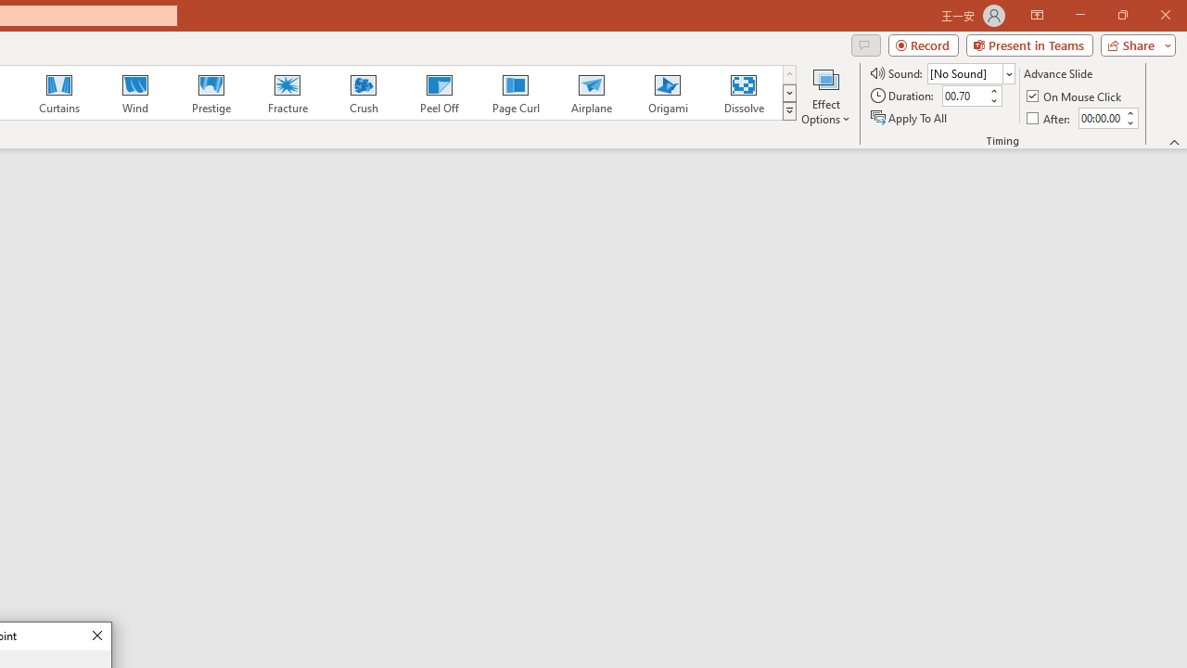 This screenshot has height=668, width=1187. Describe the element at coordinates (363, 93) in the screenshot. I see `'Crush'` at that location.